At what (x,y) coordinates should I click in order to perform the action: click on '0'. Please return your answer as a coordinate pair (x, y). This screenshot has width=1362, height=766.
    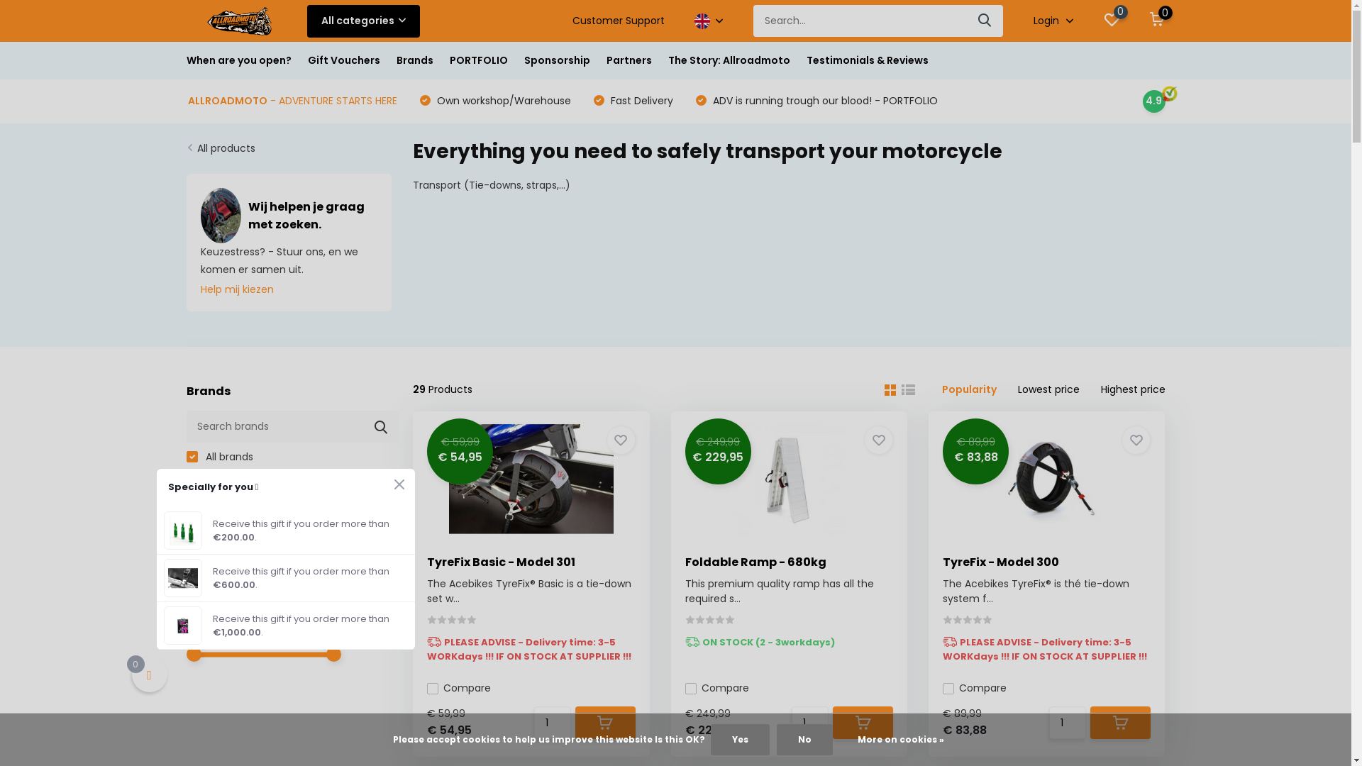
    Looking at the image, I should click on (1157, 21).